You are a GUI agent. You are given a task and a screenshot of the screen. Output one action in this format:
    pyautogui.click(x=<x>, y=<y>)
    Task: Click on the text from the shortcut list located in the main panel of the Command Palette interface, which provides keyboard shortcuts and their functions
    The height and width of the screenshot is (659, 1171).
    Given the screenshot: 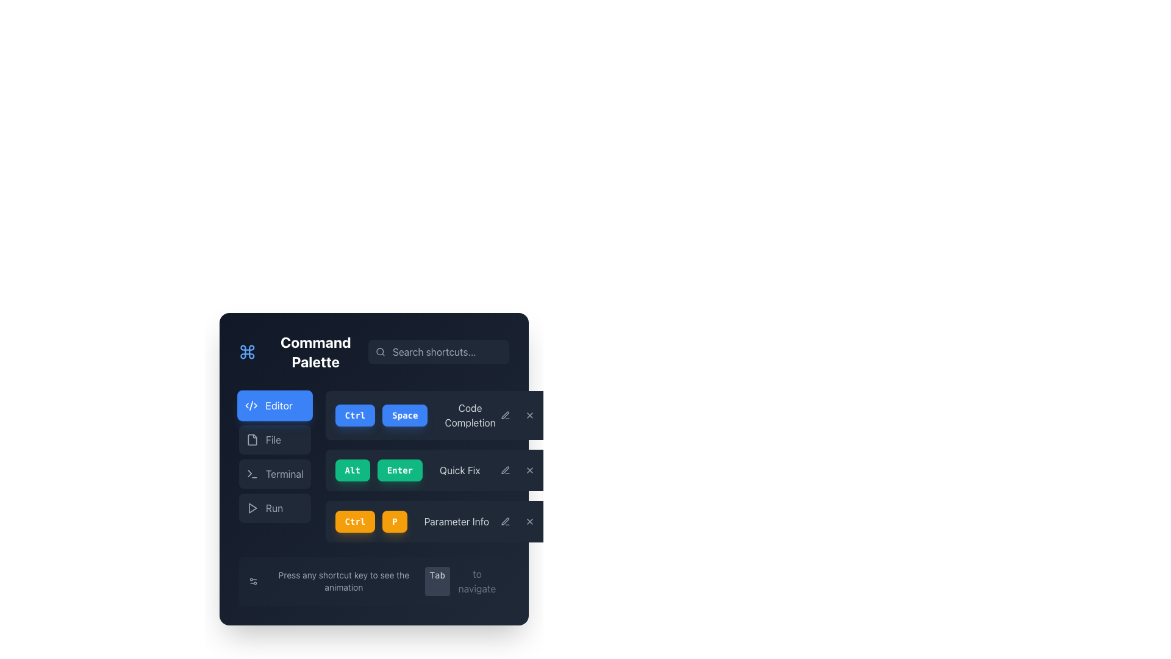 What is the action you would take?
    pyautogui.click(x=437, y=466)
    